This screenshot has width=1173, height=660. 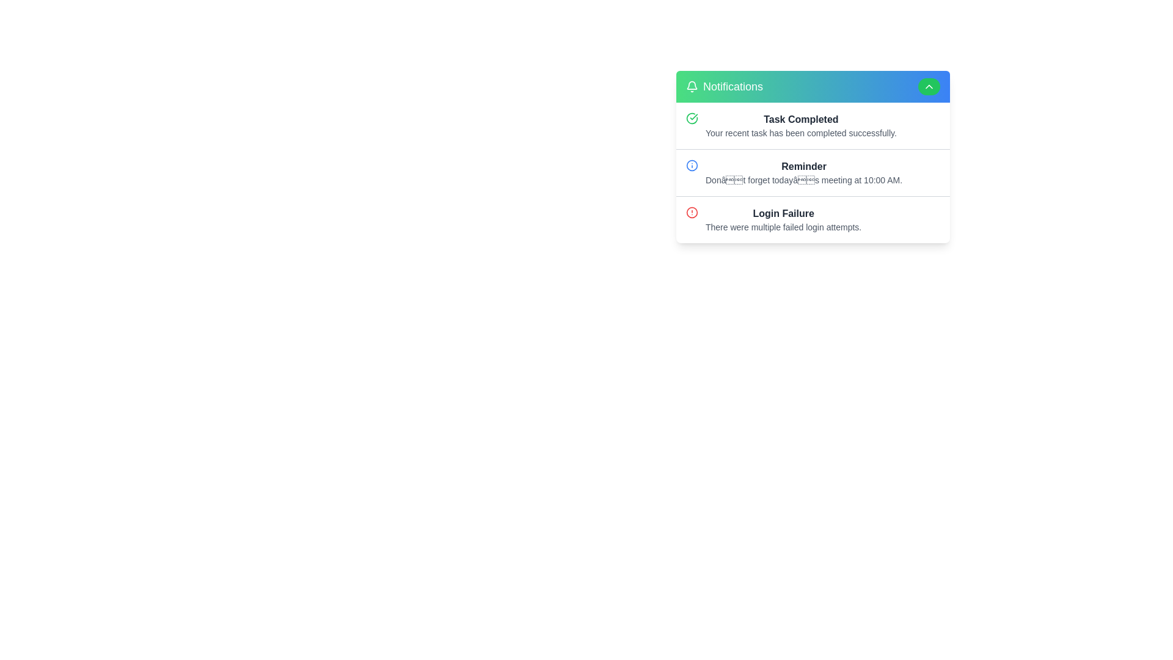 I want to click on the Text Label indicating the successful completion of a task, located directly below the 'Task Completed' title in the notification card, so click(x=801, y=133).